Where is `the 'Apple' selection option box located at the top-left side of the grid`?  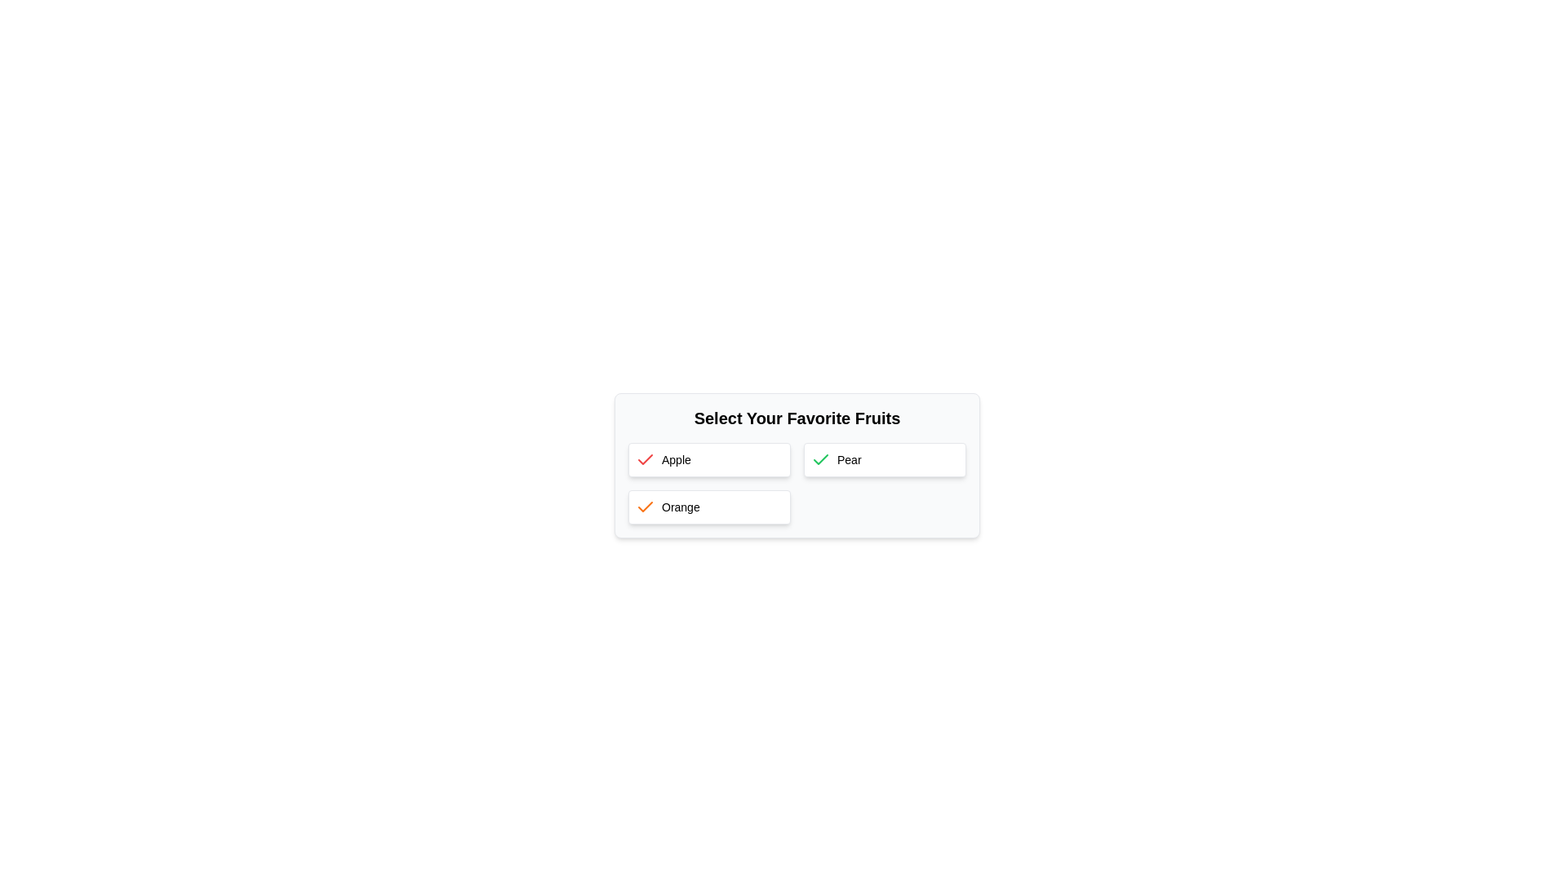 the 'Apple' selection option box located at the top-left side of the grid is located at coordinates (709, 459).